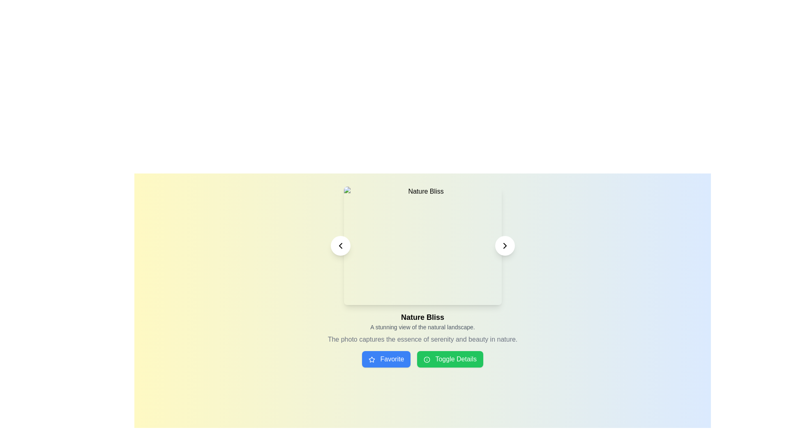 The width and height of the screenshot is (789, 444). I want to click on the star-shaped icon with a blue background and white border, located to the left of the 'Favorite' button, so click(371, 359).